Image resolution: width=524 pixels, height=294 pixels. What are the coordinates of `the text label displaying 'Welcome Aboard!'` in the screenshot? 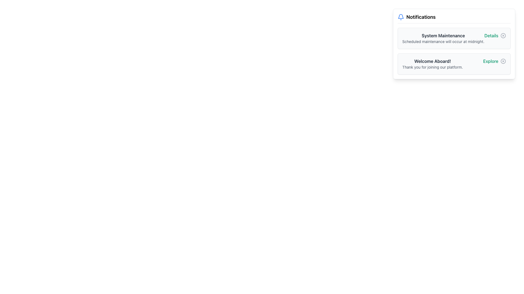 It's located at (432, 61).